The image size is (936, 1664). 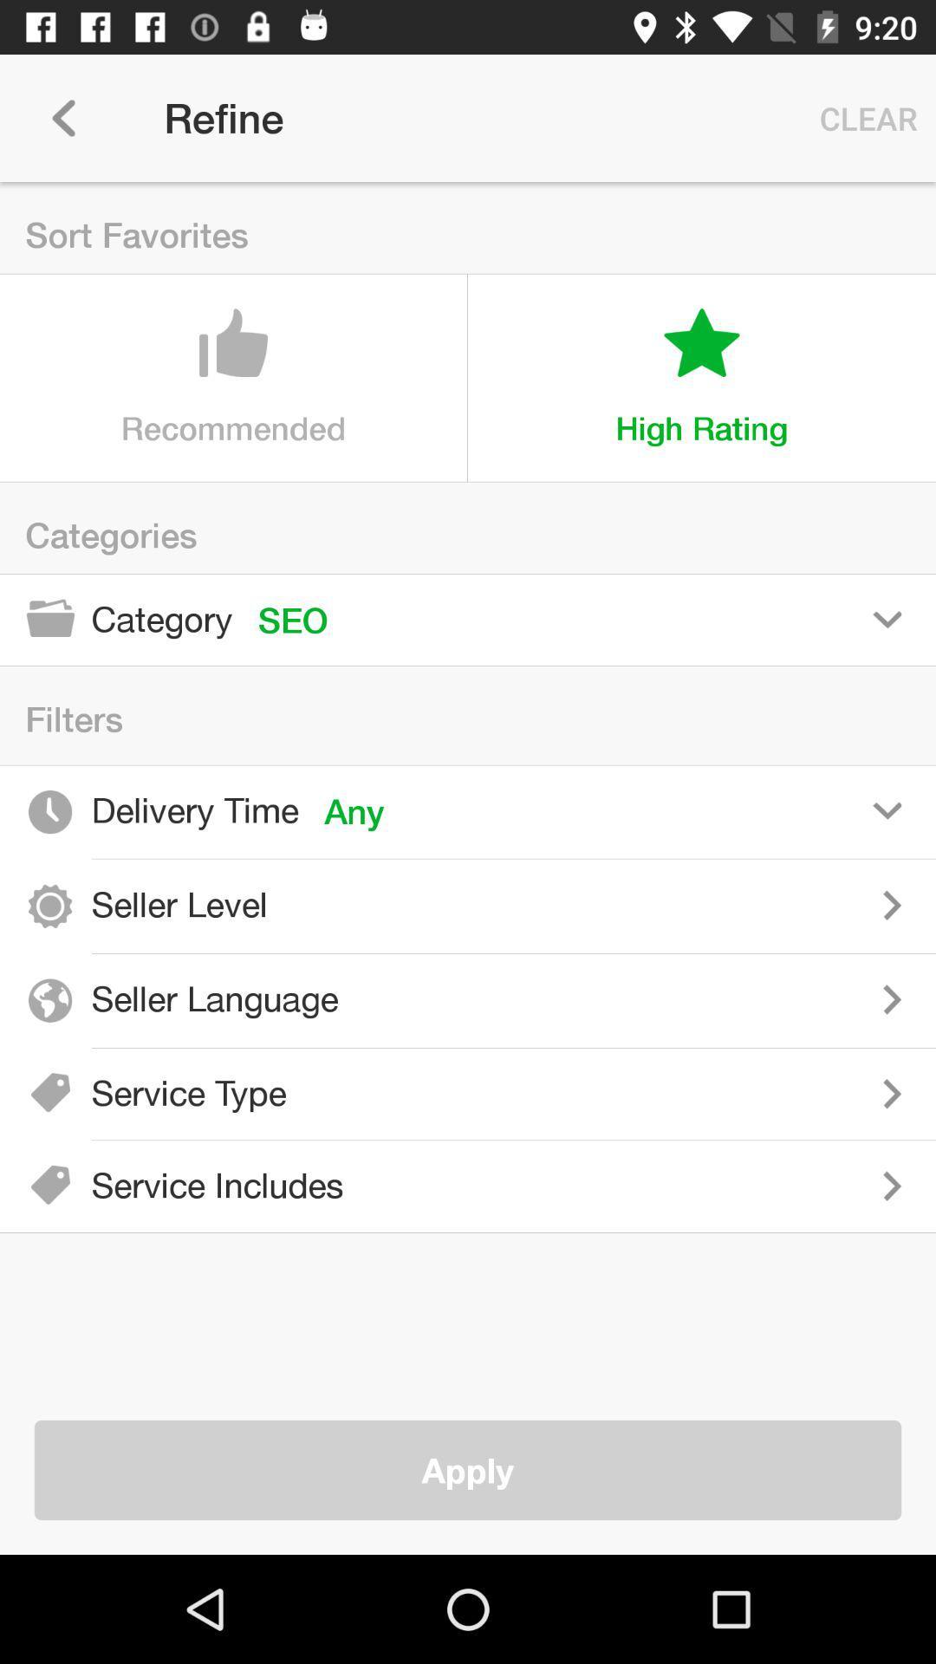 I want to click on the clear, so click(x=864, y=117).